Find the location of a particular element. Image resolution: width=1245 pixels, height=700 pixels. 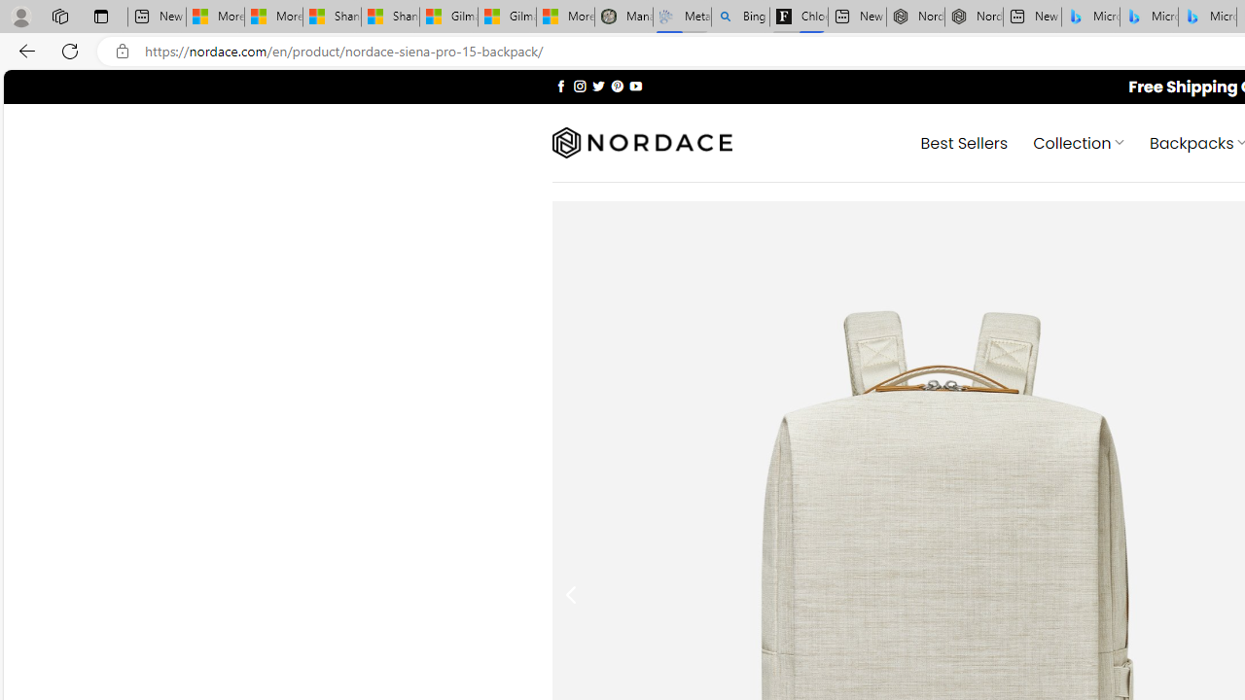

'Bing Real Estate - Home sales and rental listings' is located at coordinates (739, 17).